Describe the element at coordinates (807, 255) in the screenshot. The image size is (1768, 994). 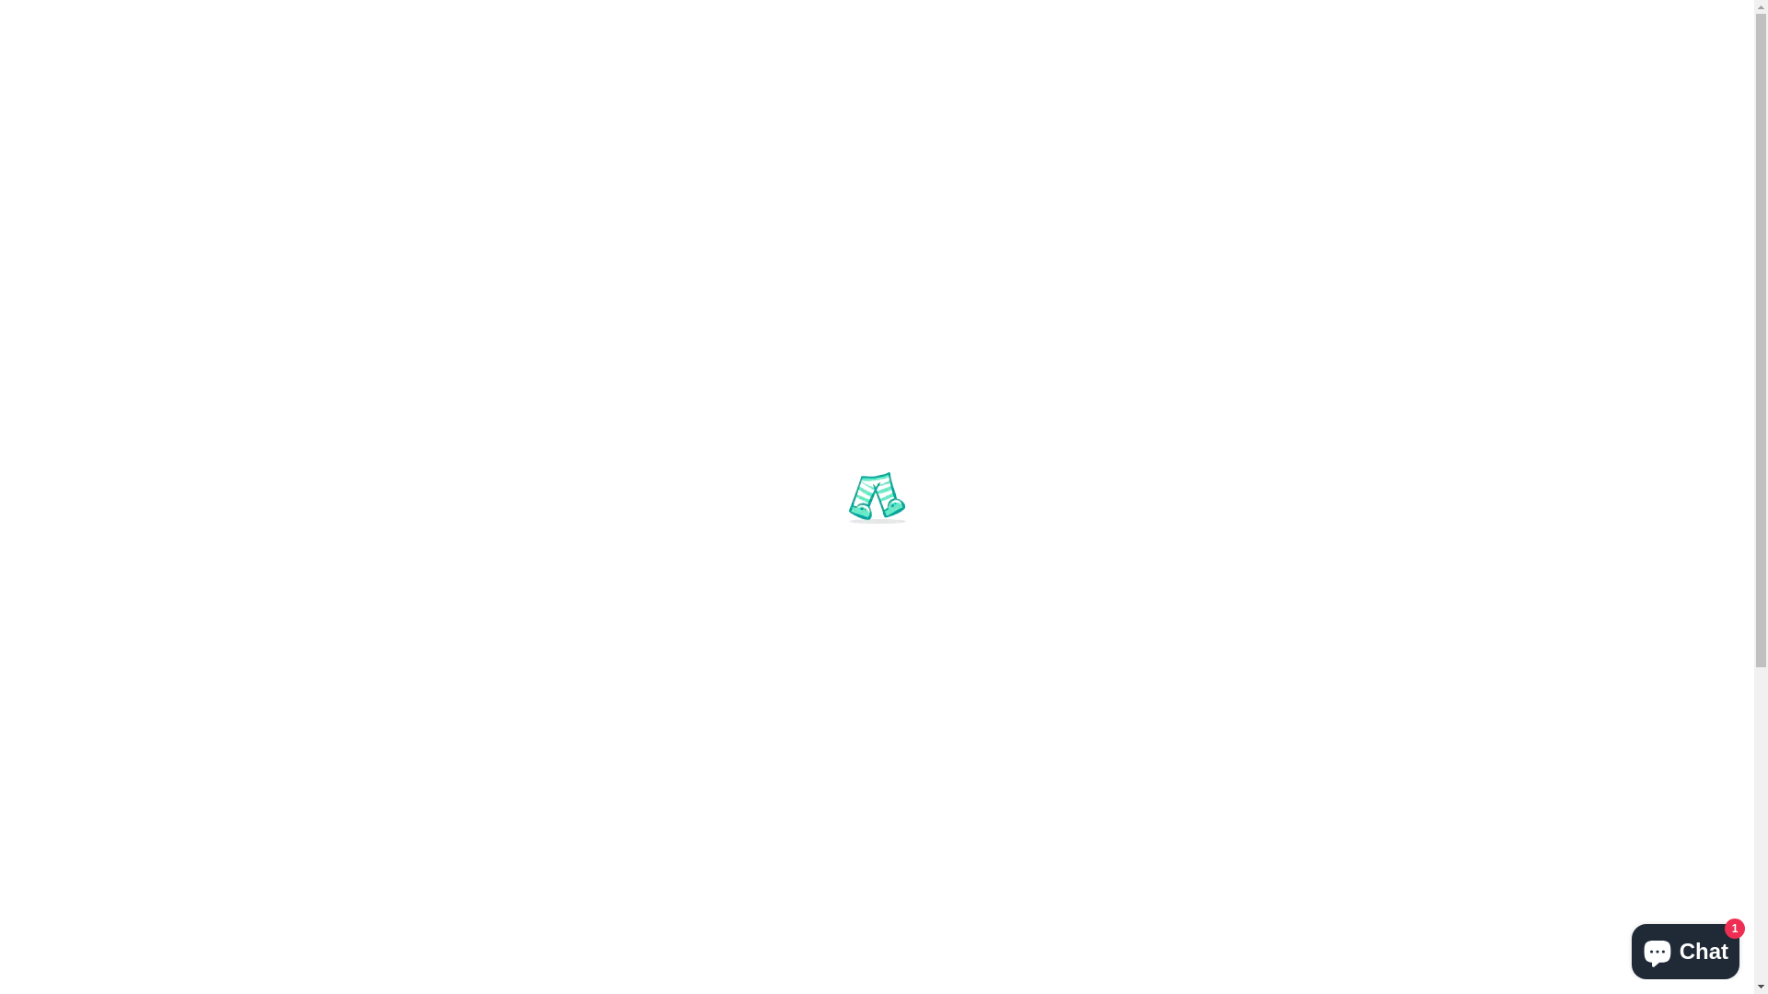
I see `'ABOUT'` at that location.